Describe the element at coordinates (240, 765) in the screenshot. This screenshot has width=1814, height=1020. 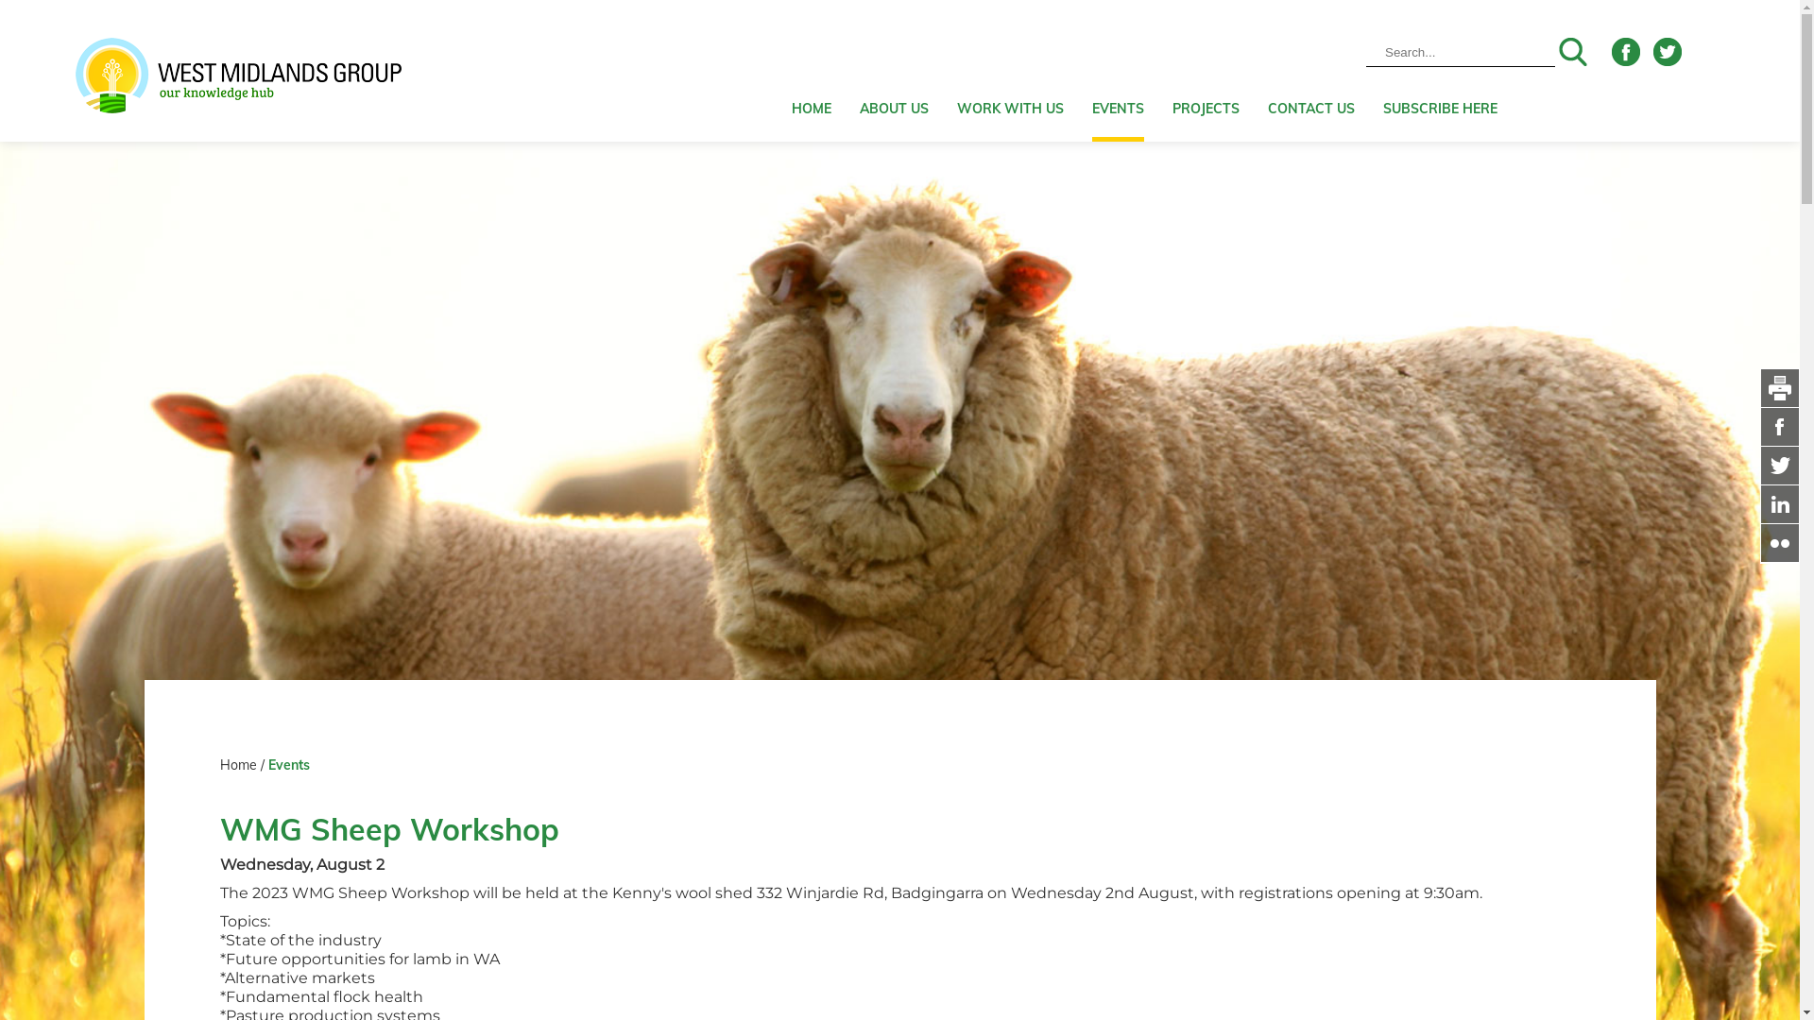
I see `'Home'` at that location.